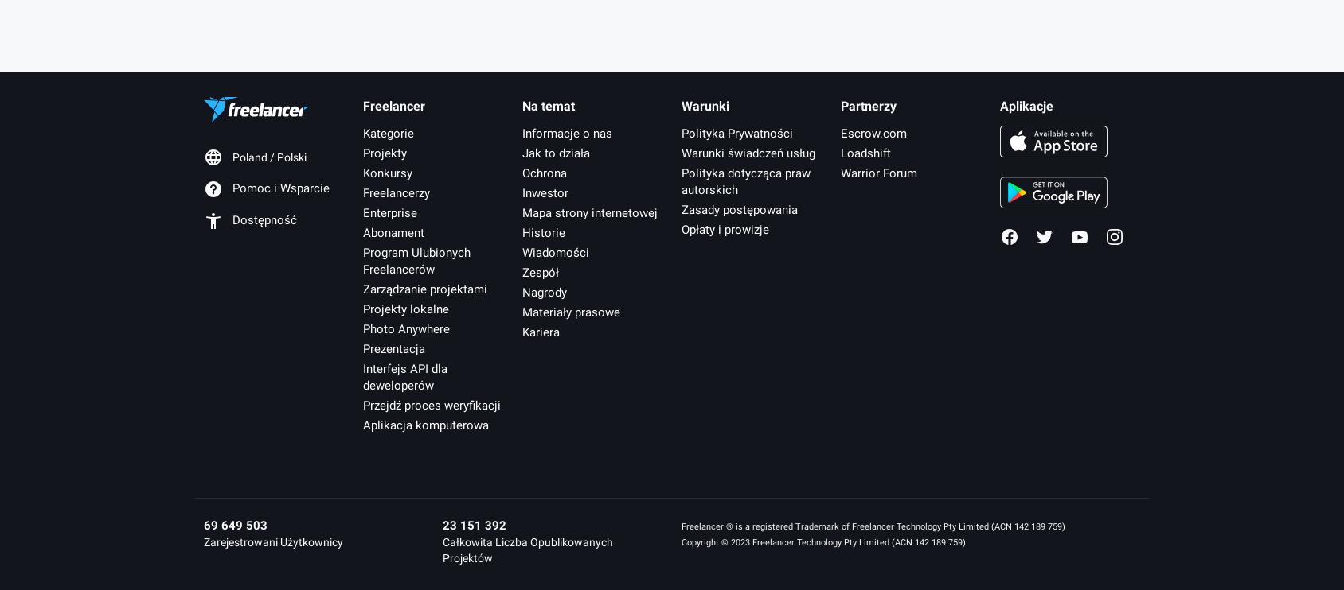 This screenshot has height=590, width=1344. What do you see at coordinates (554, 251) in the screenshot?
I see `'Wiadomości'` at bounding box center [554, 251].